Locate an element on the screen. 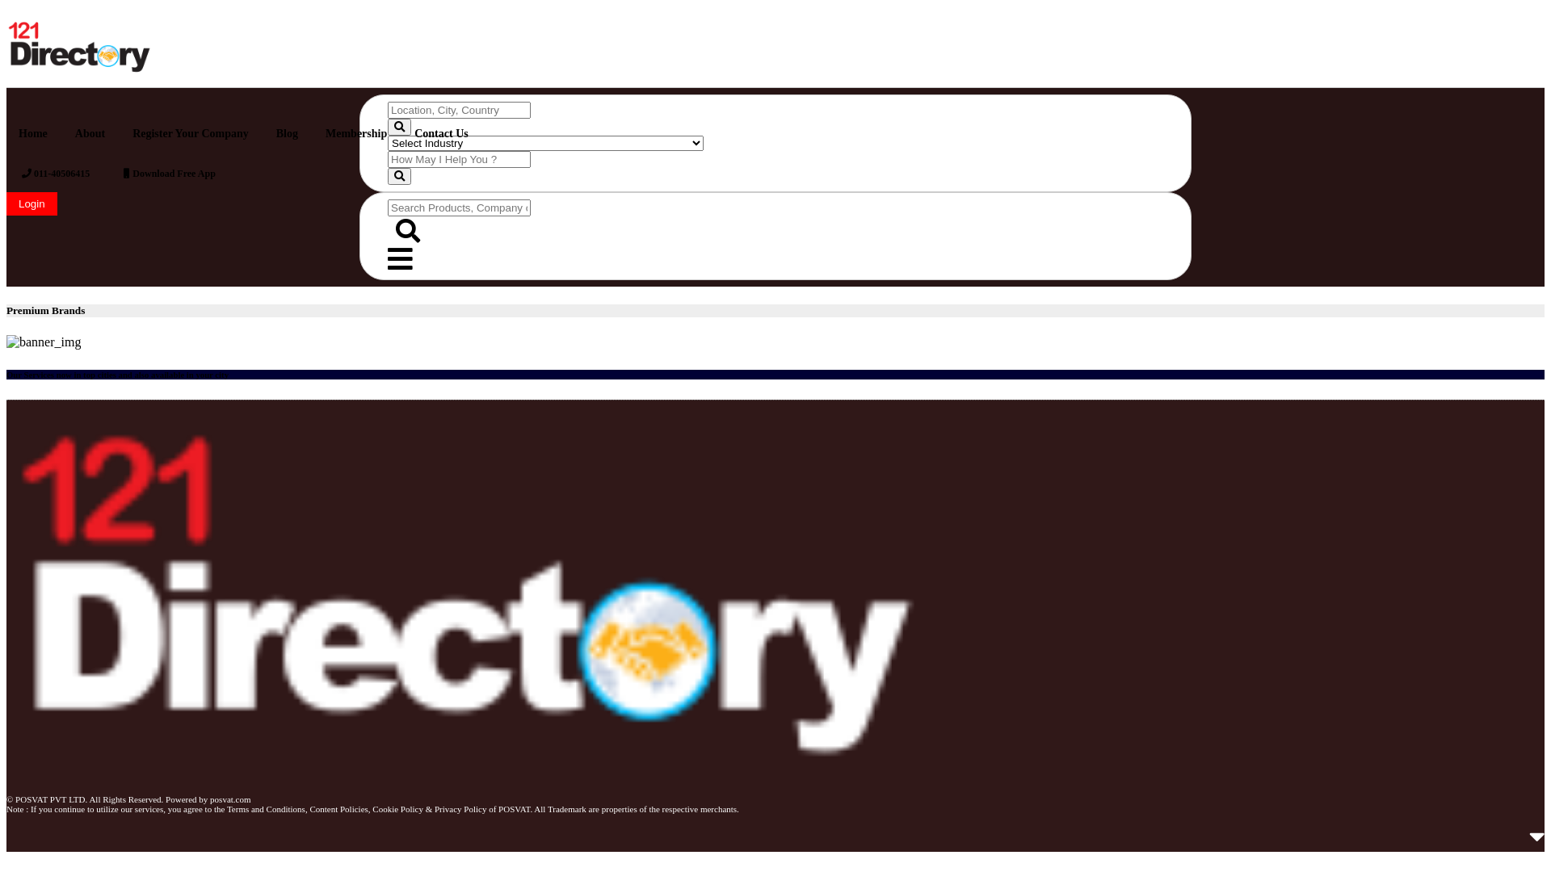 The width and height of the screenshot is (1551, 872). 'Blog' is located at coordinates (287, 132).